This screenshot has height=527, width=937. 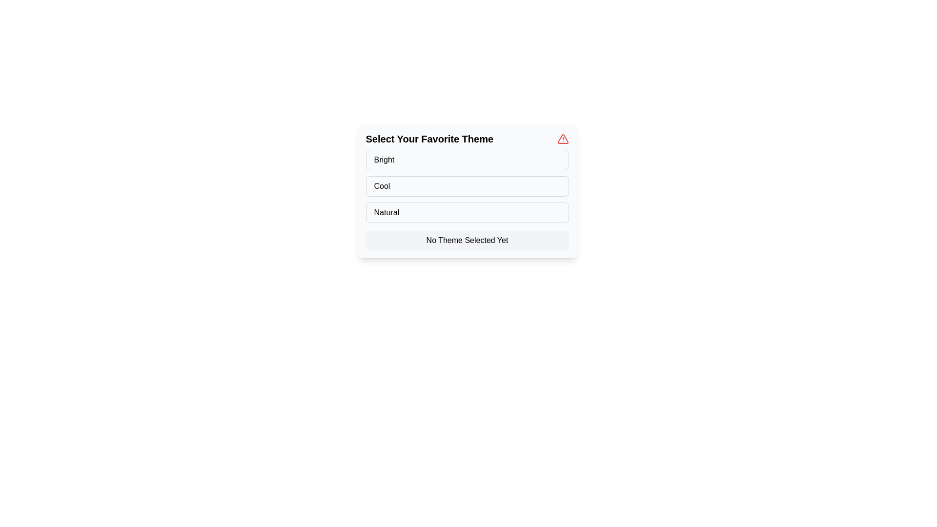 I want to click on the warning icon located in the top-right corner of the 'Select Your Favorite Theme' card layout, which serves as a visual indicator for alerts or warnings, so click(x=563, y=139).